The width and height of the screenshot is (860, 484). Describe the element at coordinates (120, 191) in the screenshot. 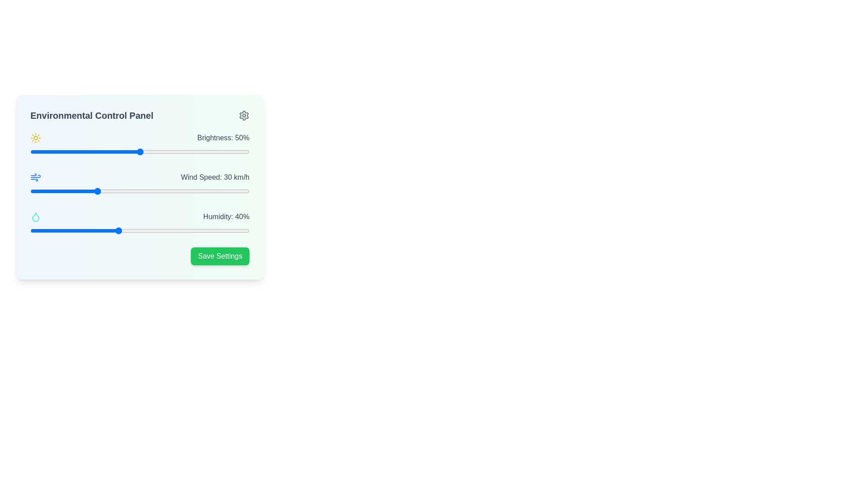

I see `the wind speed` at that location.